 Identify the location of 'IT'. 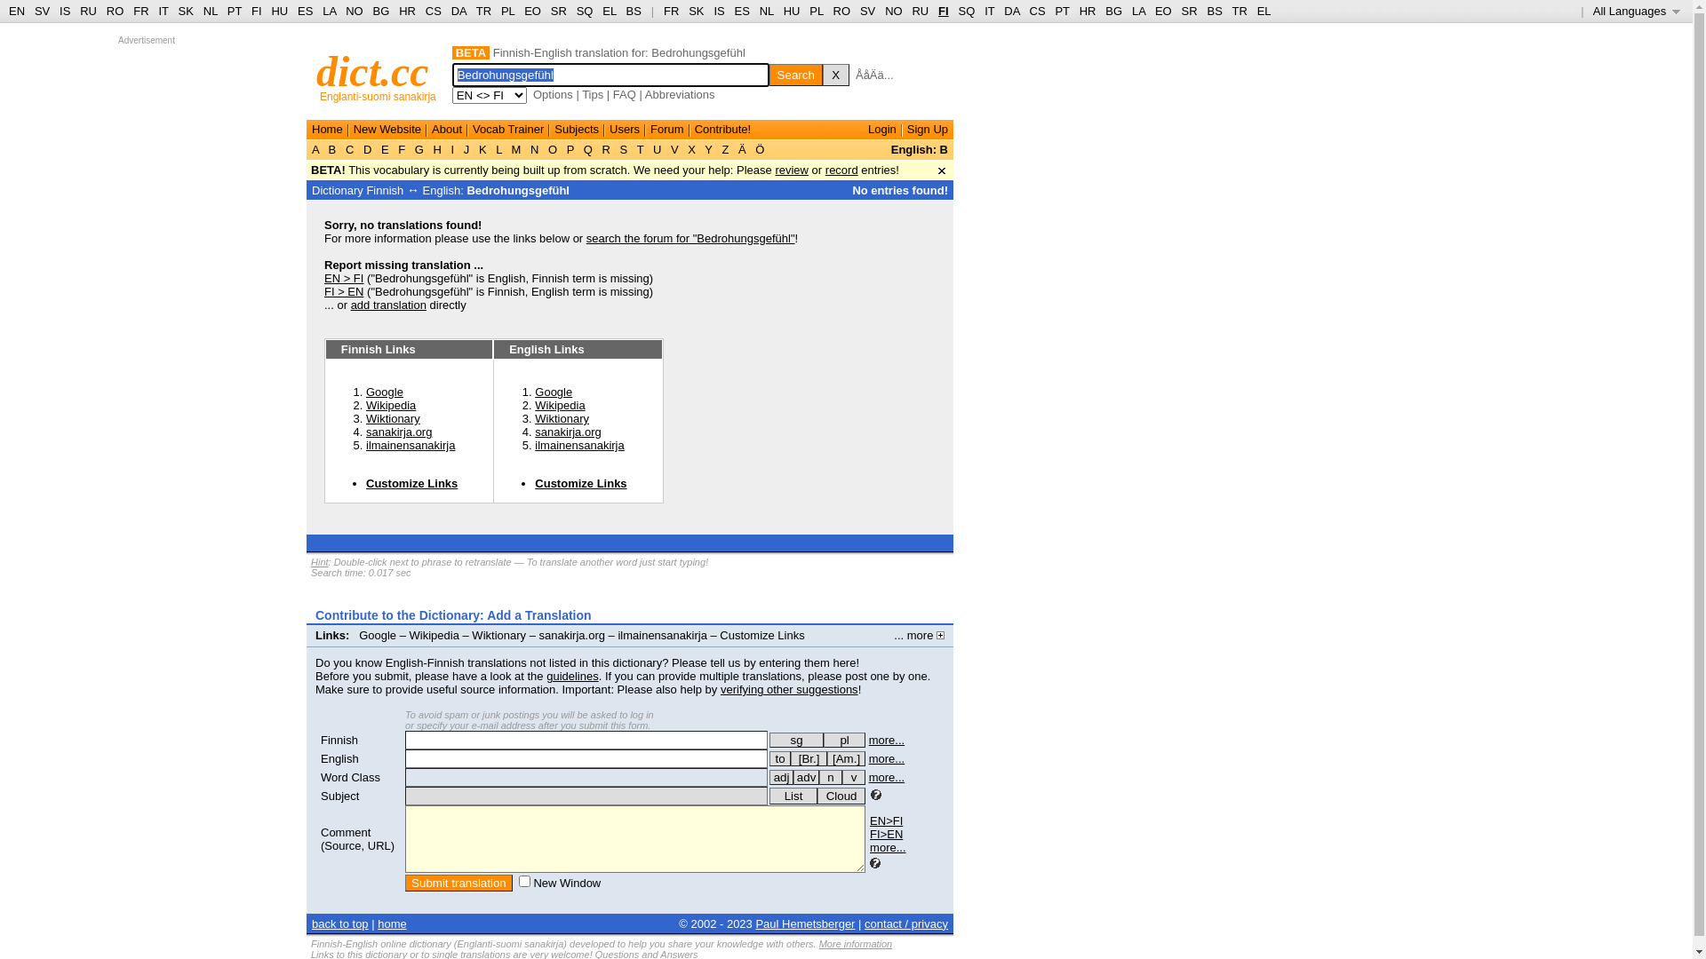
(988, 11).